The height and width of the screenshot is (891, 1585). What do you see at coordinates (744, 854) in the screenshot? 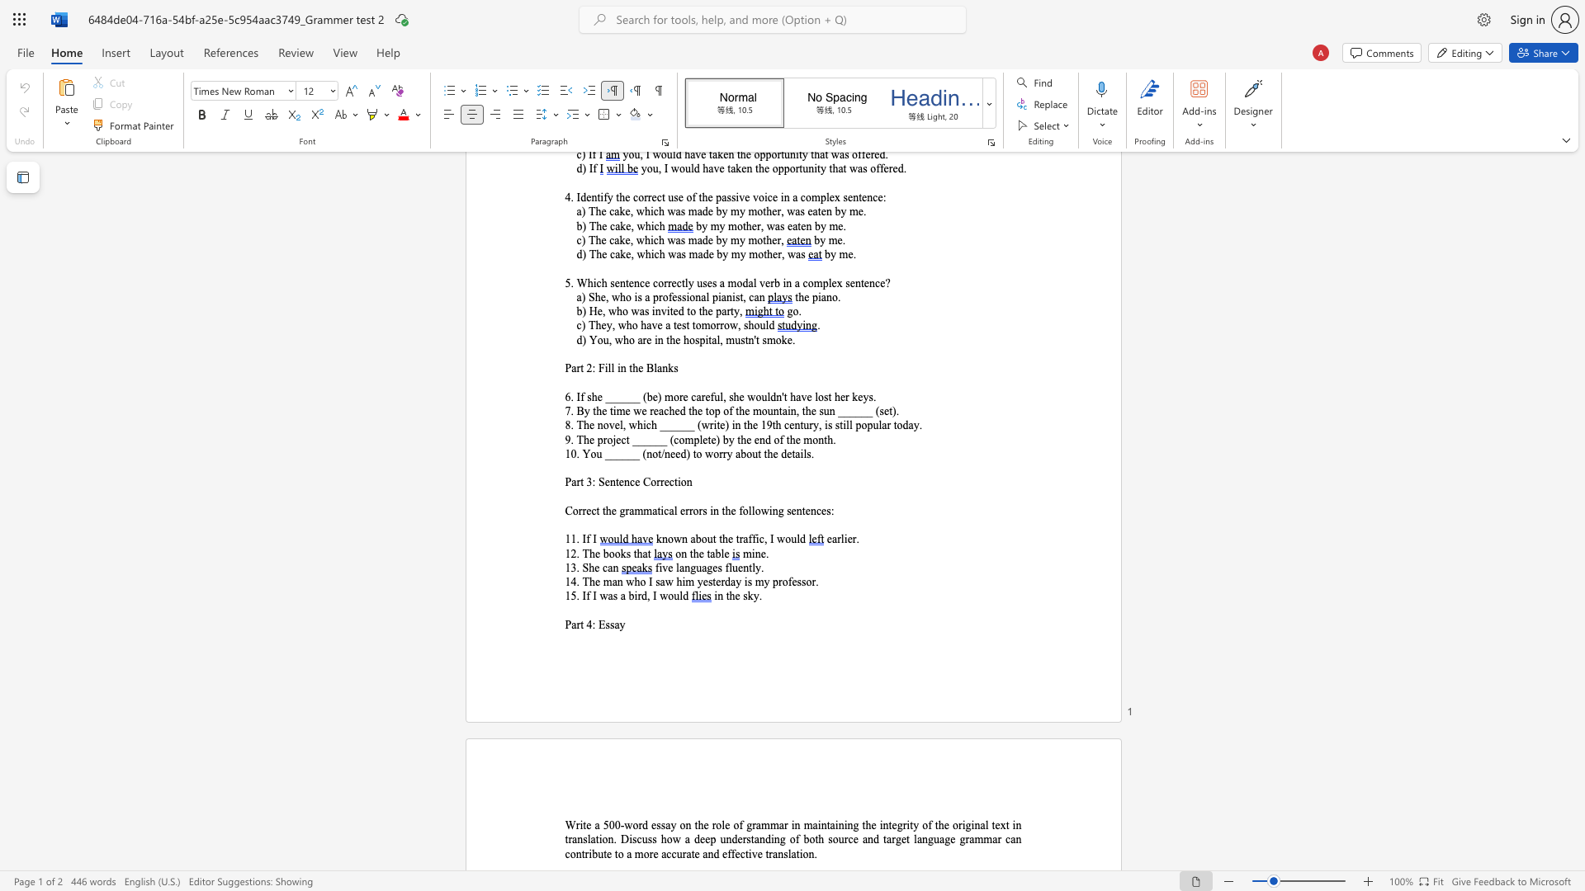
I see `the subset text "tive tra" within the text "and effective translation."` at bounding box center [744, 854].